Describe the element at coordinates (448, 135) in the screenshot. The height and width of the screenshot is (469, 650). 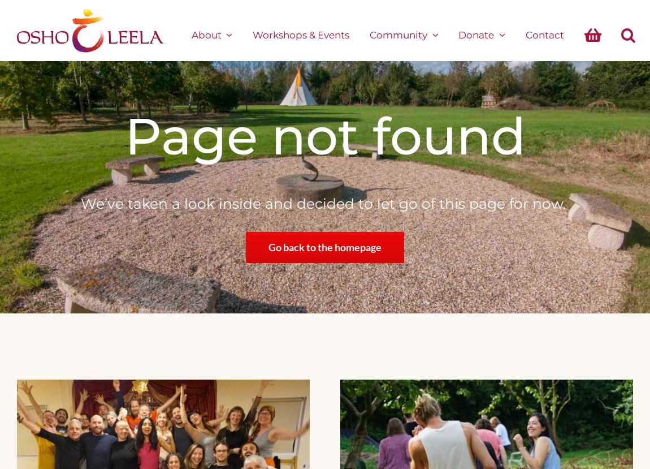
I see `'found'` at that location.